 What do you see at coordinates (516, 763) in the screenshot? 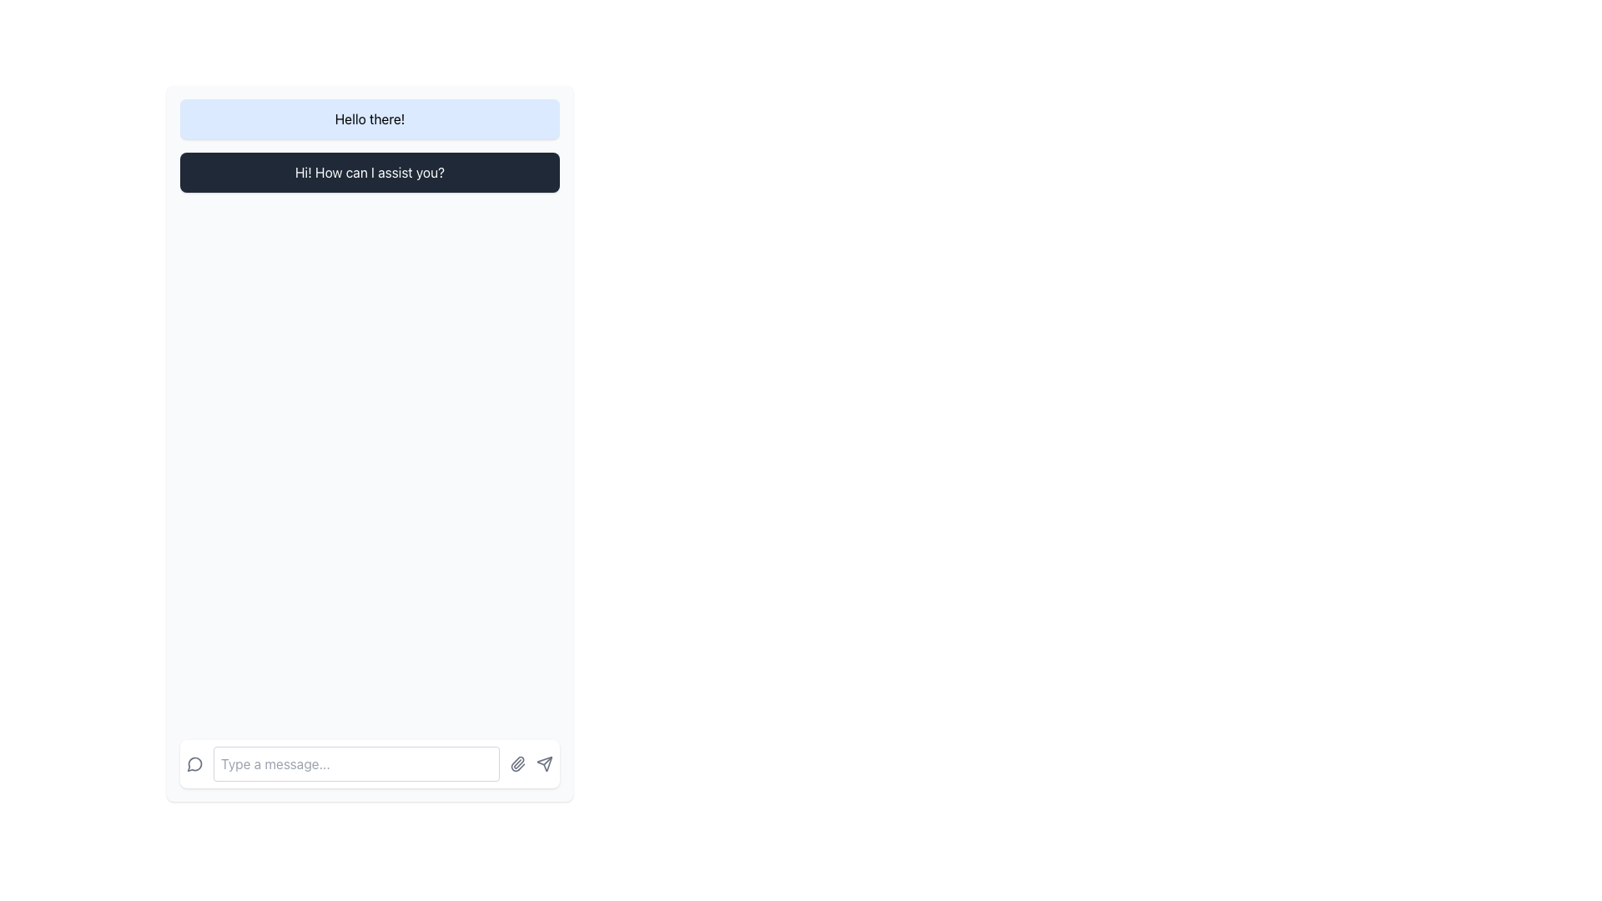
I see `the paperclip icon located to the right of the text input field in the messaging interface` at bounding box center [516, 763].